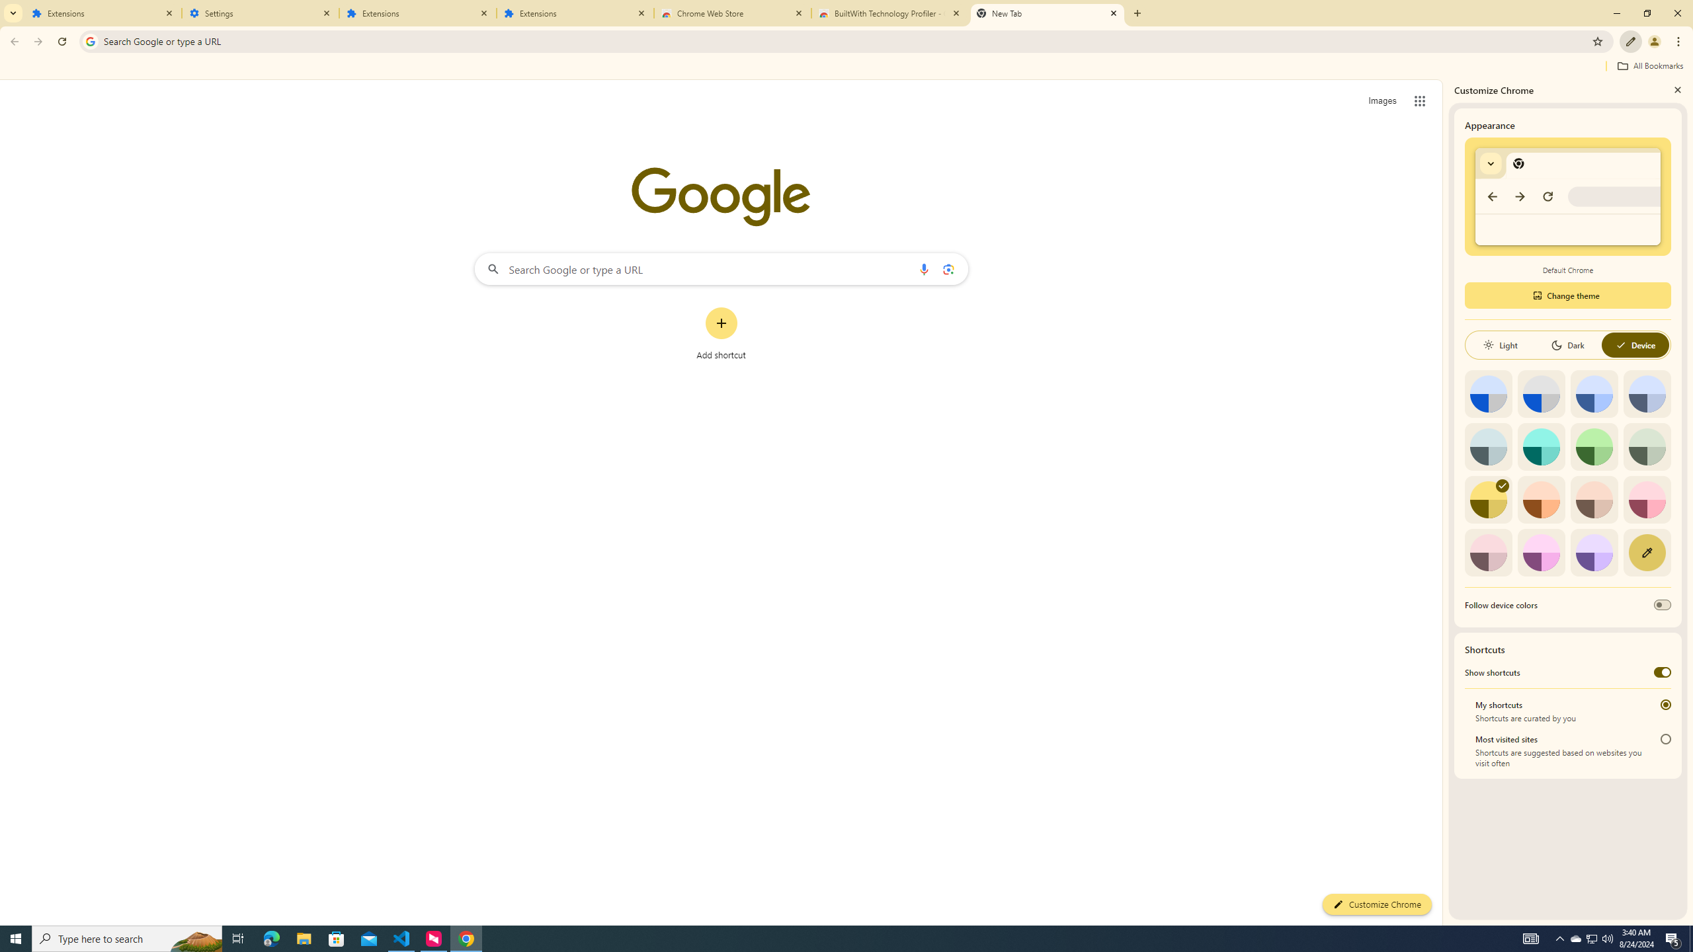 This screenshot has height=952, width=1693. I want to click on 'Apricot', so click(1594, 499).